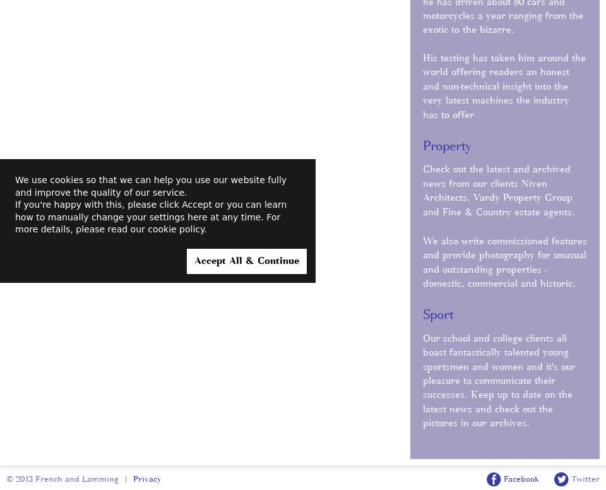 The height and width of the screenshot is (490, 606). Describe the element at coordinates (567, 477) in the screenshot. I see `'Twitter'` at that location.